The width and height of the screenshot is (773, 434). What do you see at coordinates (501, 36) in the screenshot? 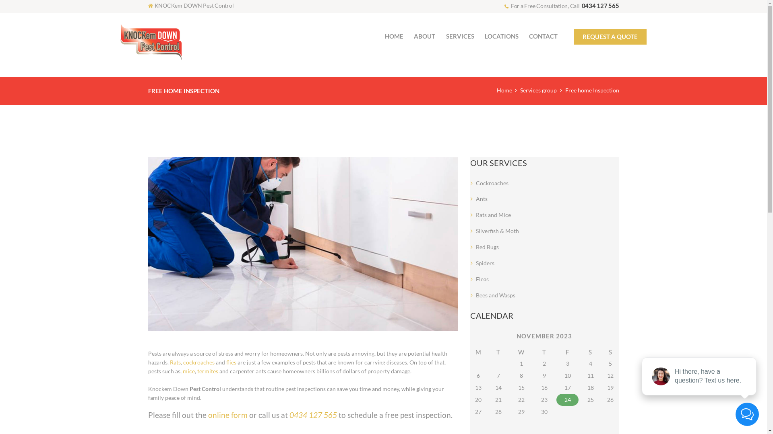
I see `'LOCATIONS'` at bounding box center [501, 36].